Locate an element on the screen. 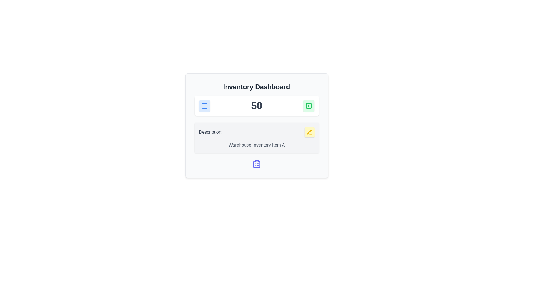 This screenshot has height=302, width=536. the green-bordered 'add' button with a green cross symbol inside, located on the right side of the 'Inventory Dashboard' interface is located at coordinates (308, 106).